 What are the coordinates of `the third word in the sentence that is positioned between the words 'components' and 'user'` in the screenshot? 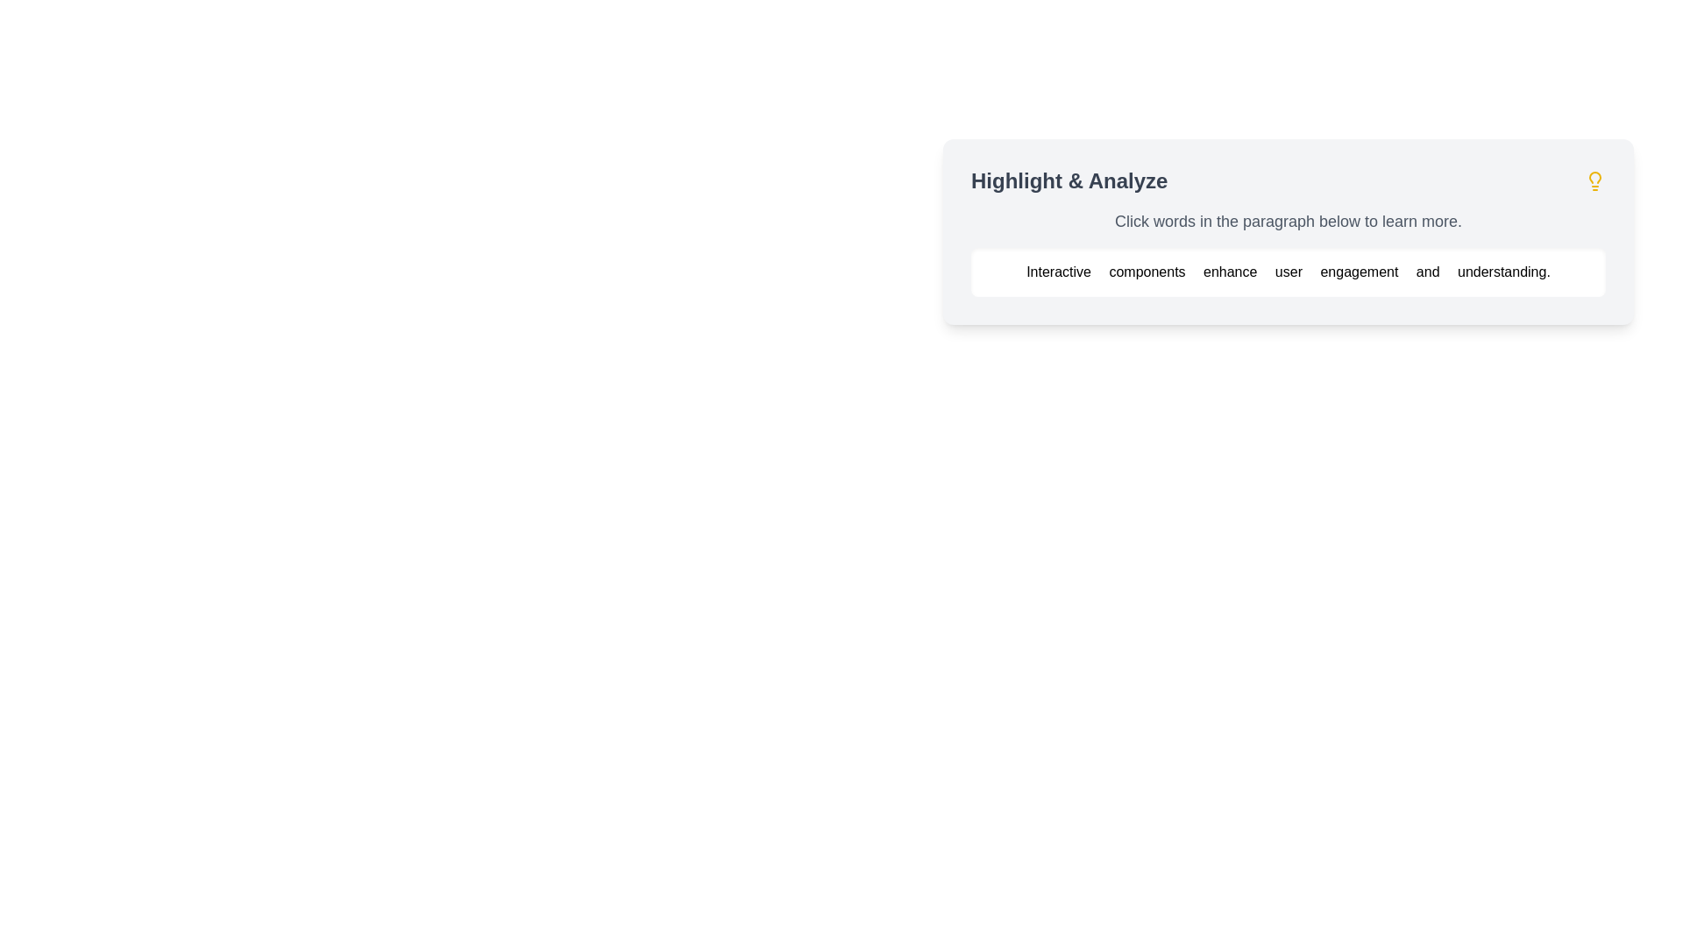 It's located at (1232, 272).